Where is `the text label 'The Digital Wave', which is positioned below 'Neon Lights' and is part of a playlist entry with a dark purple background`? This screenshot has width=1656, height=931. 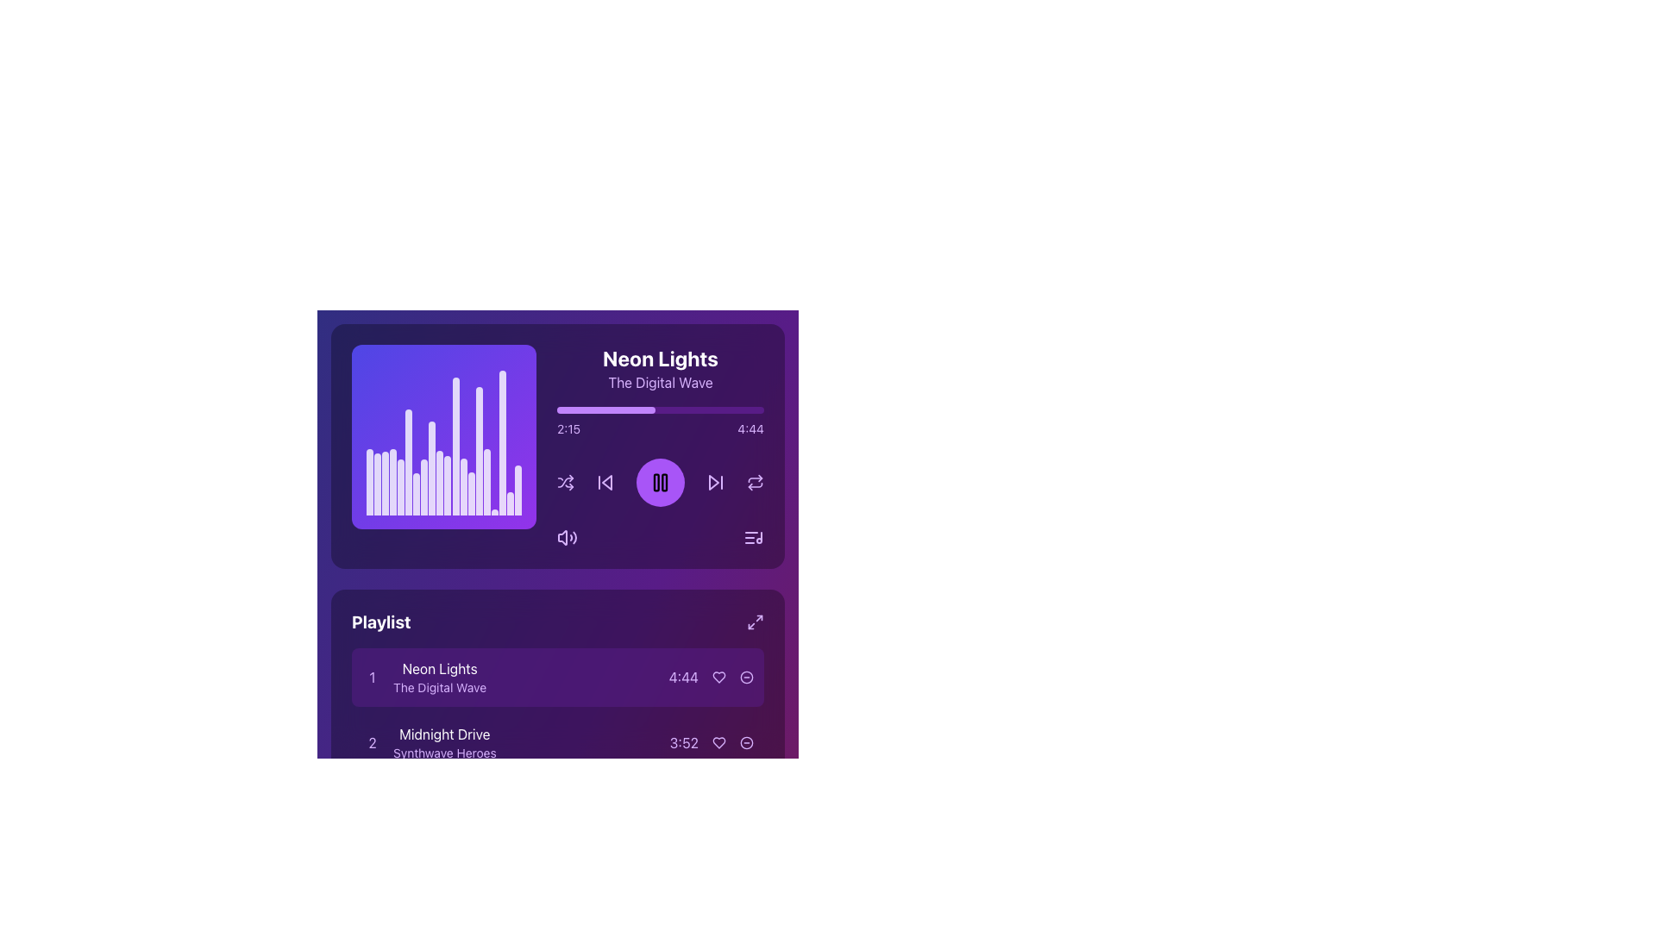
the text label 'The Digital Wave', which is positioned below 'Neon Lights' and is part of a playlist entry with a dark purple background is located at coordinates (440, 687).